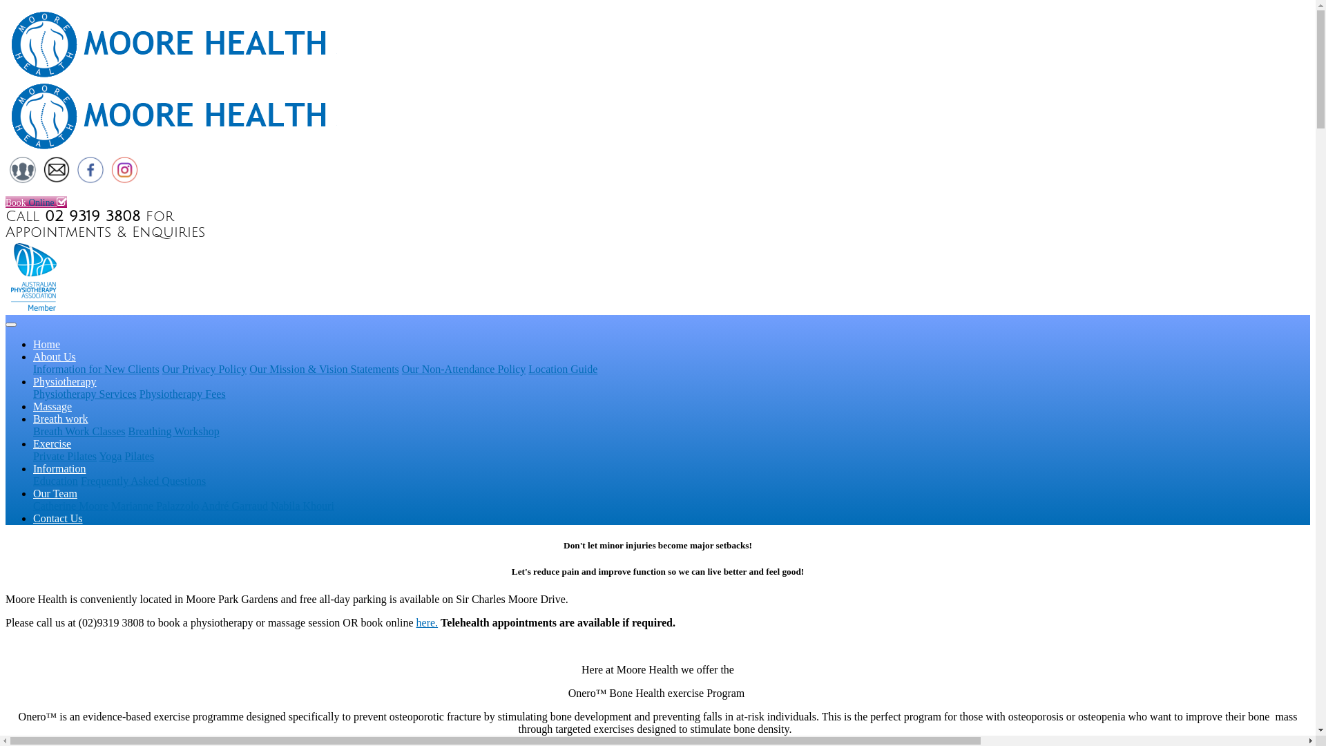 Image resolution: width=1326 pixels, height=746 pixels. What do you see at coordinates (124, 179) in the screenshot?
I see `'Follow us on Instagram'` at bounding box center [124, 179].